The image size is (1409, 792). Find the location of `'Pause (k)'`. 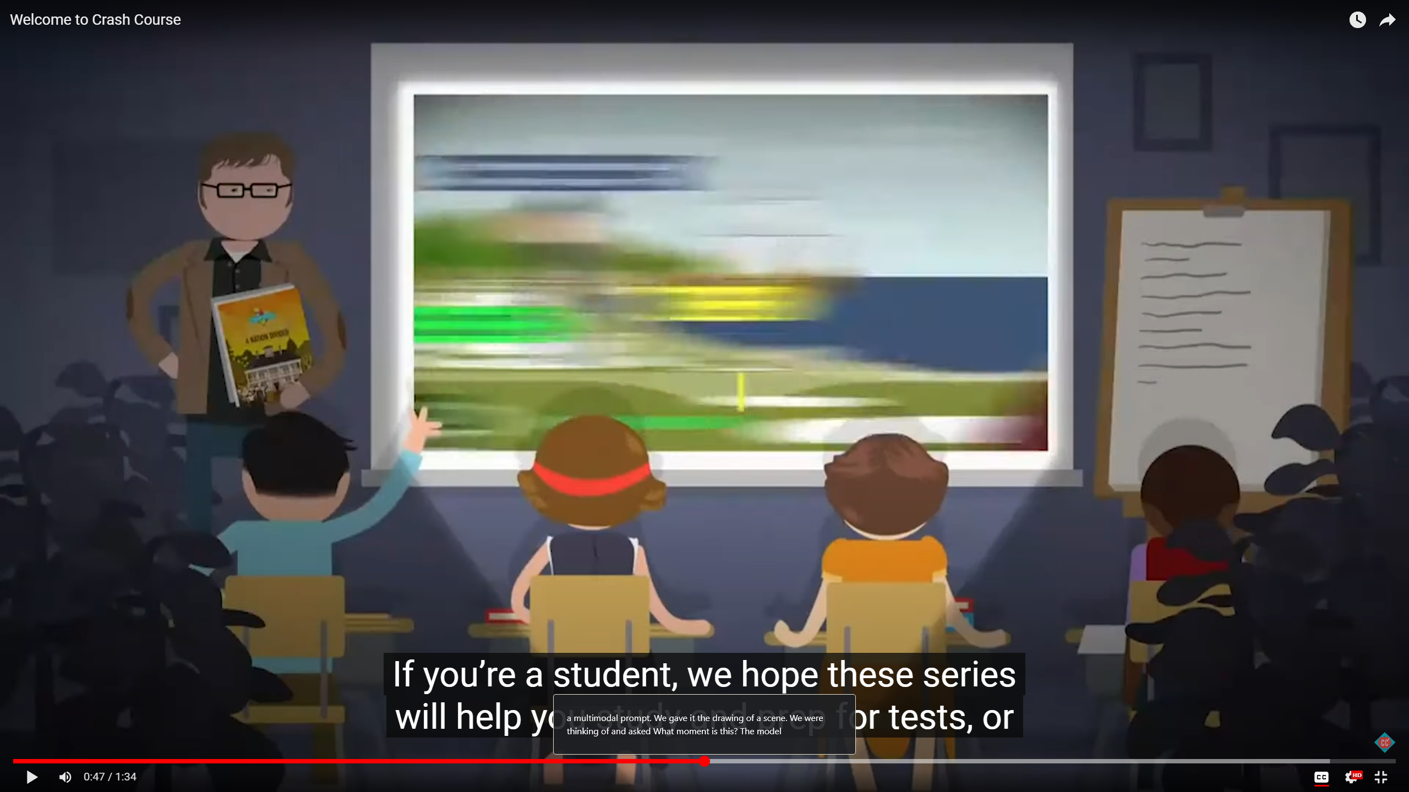

'Pause (k)' is located at coordinates (31, 777).